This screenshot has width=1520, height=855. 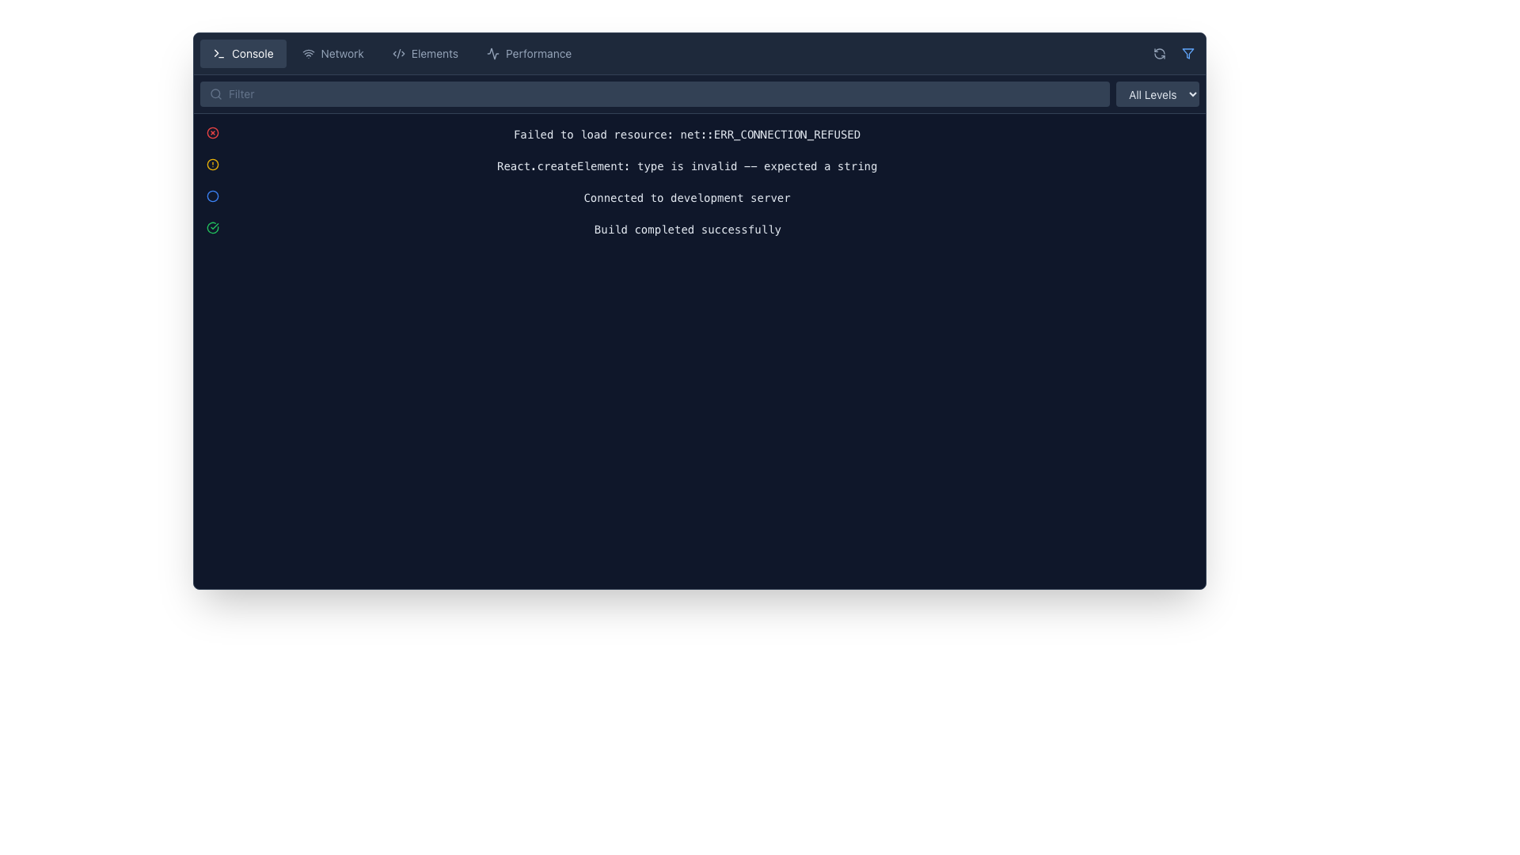 I want to click on the text label in the horizontal navigation bar at the top of the interface, so click(x=435, y=53).